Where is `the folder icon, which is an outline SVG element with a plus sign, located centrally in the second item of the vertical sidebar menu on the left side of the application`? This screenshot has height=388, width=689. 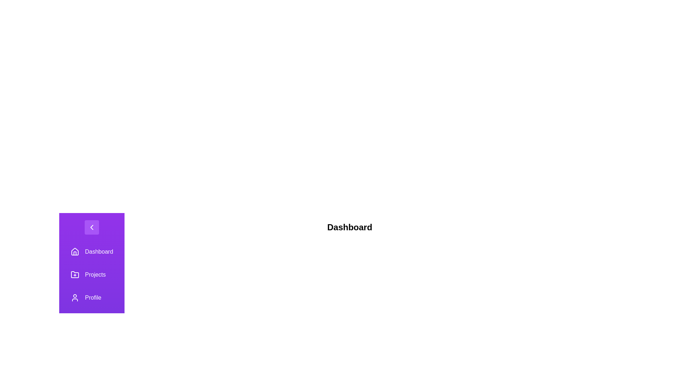
the folder icon, which is an outline SVG element with a plus sign, located centrally in the second item of the vertical sidebar menu on the left side of the application is located at coordinates (75, 274).